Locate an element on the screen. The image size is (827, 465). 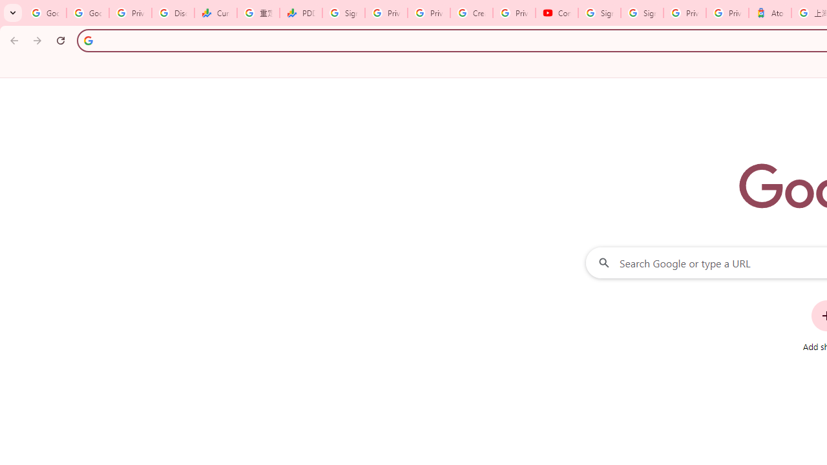
'PDD Holdings Inc - ADR (PDD) Price & News - Google Finance' is located at coordinates (300, 13).